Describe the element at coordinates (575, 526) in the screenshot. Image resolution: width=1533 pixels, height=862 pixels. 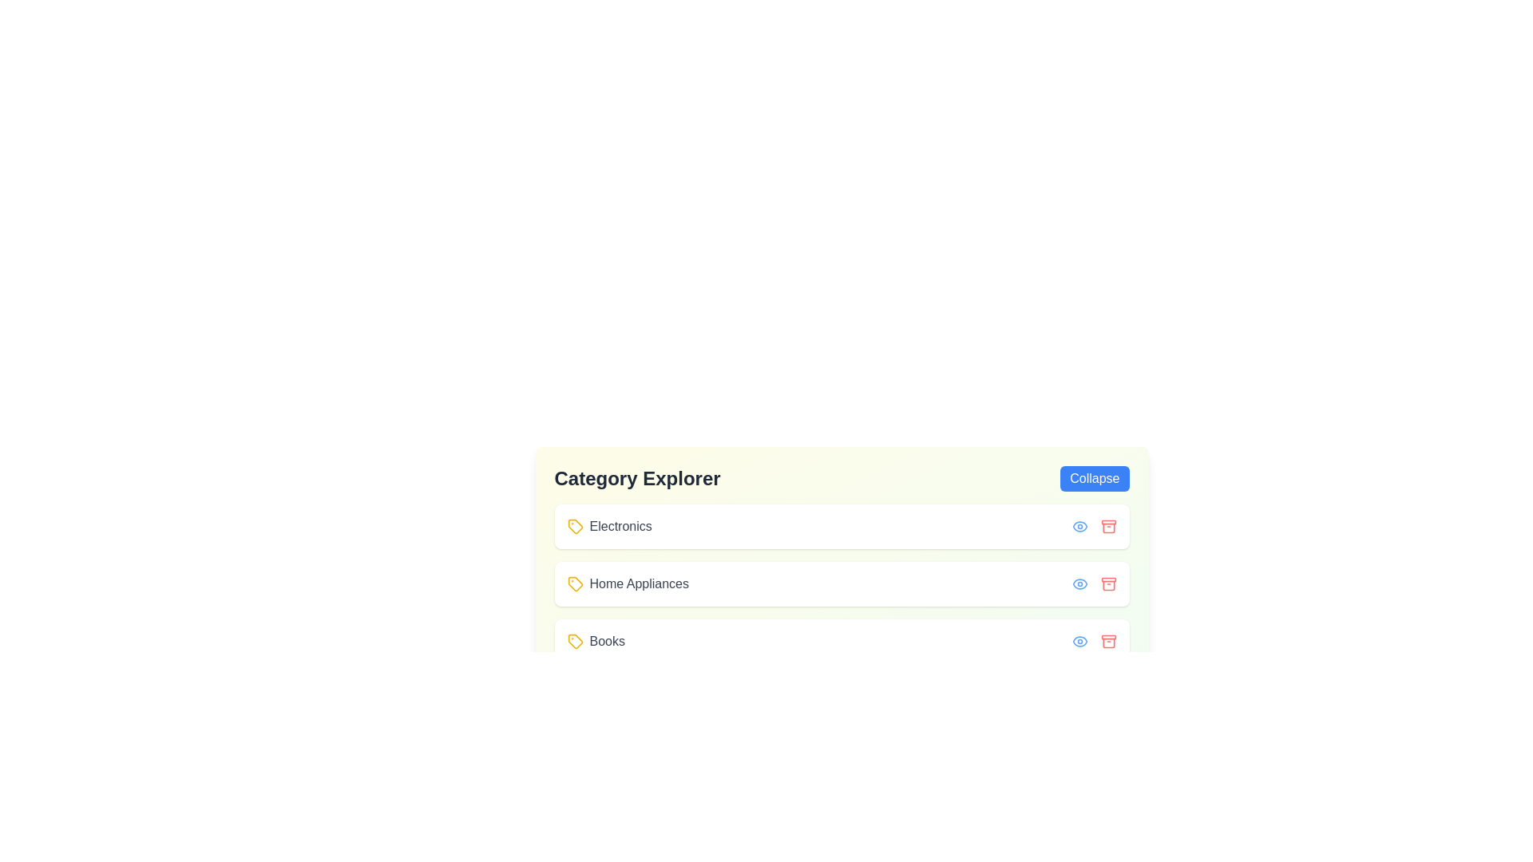
I see `the first icon representing the 'Electronics' category, which is located at the top of the list of categories` at that location.